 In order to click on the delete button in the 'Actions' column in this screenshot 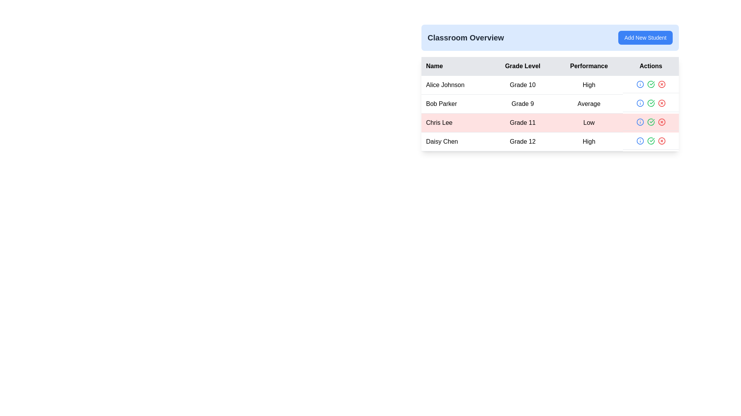, I will do `click(661, 121)`.